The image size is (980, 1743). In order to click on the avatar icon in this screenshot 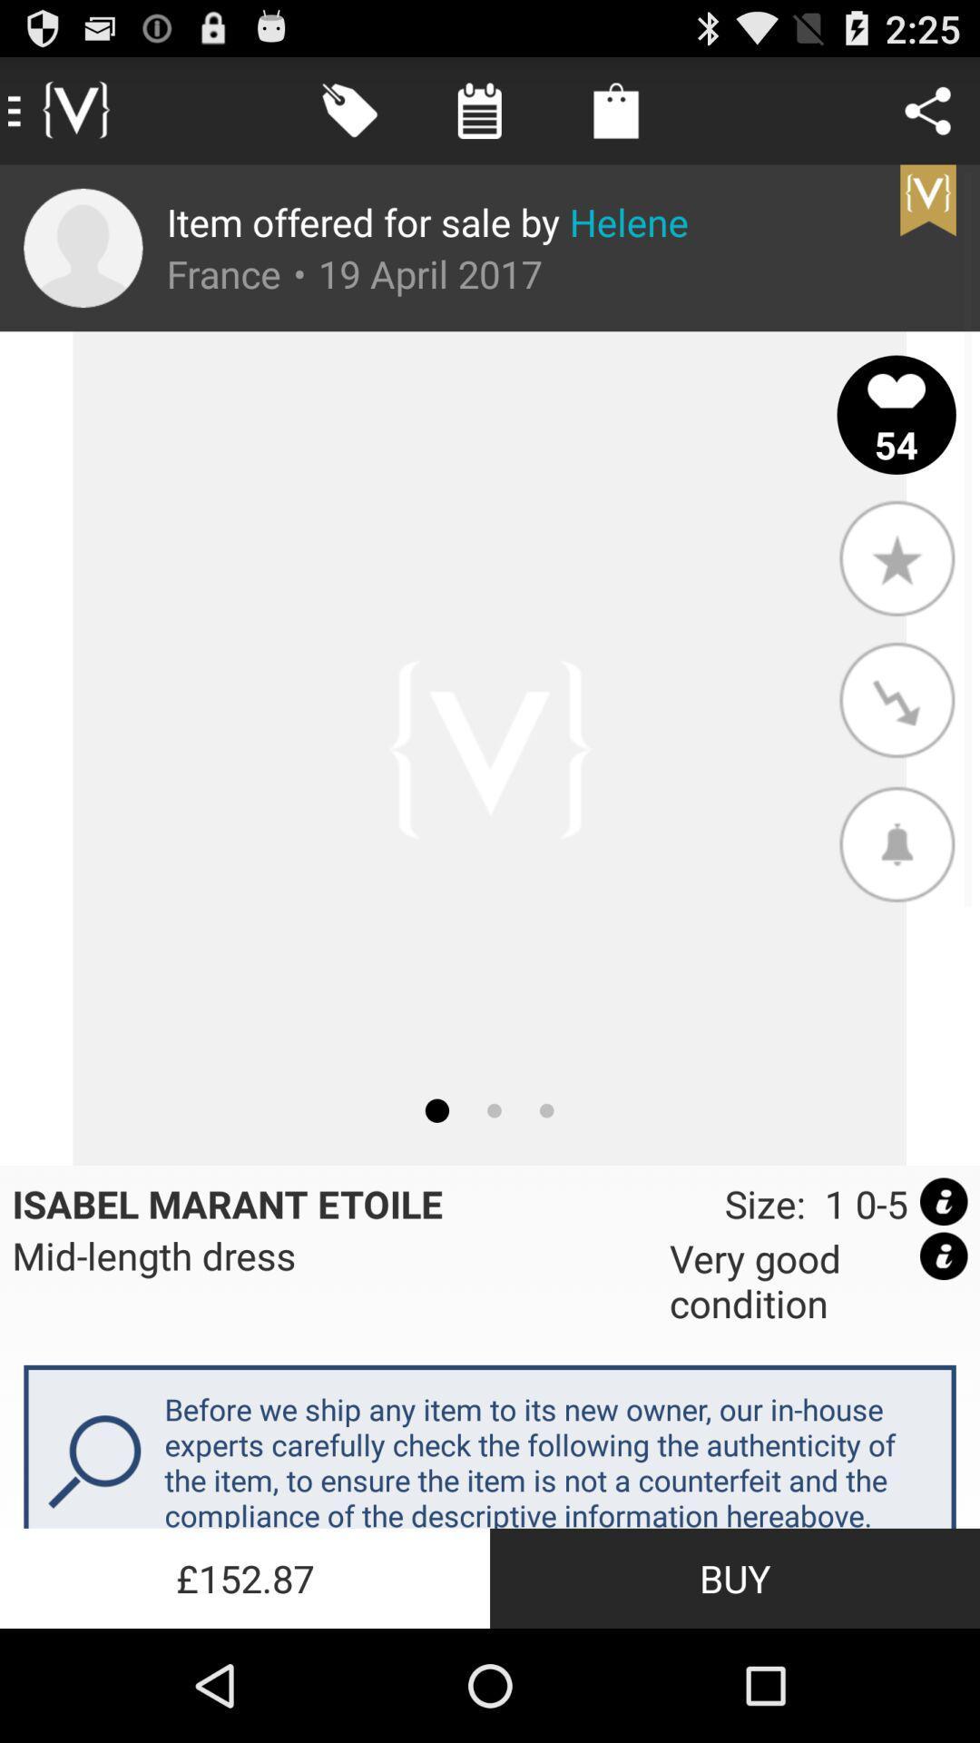, I will do `click(83, 264)`.